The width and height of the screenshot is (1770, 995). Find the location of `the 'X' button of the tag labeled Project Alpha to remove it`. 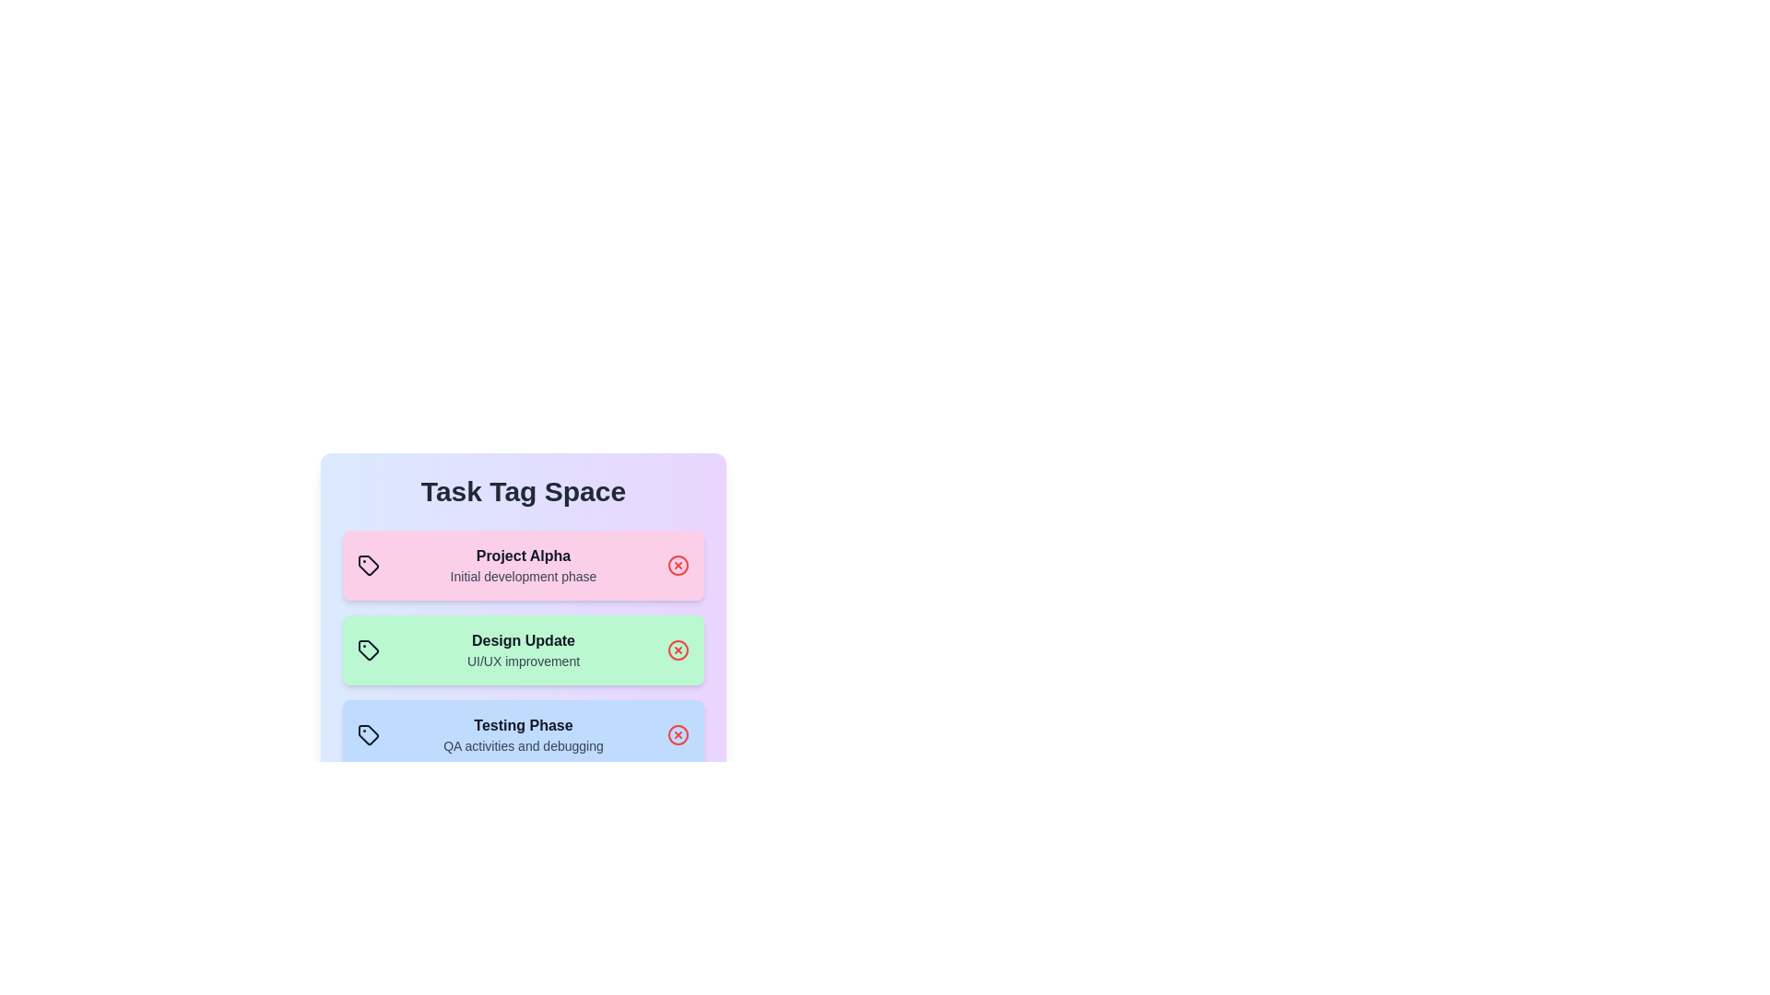

the 'X' button of the tag labeled Project Alpha to remove it is located at coordinates (677, 564).